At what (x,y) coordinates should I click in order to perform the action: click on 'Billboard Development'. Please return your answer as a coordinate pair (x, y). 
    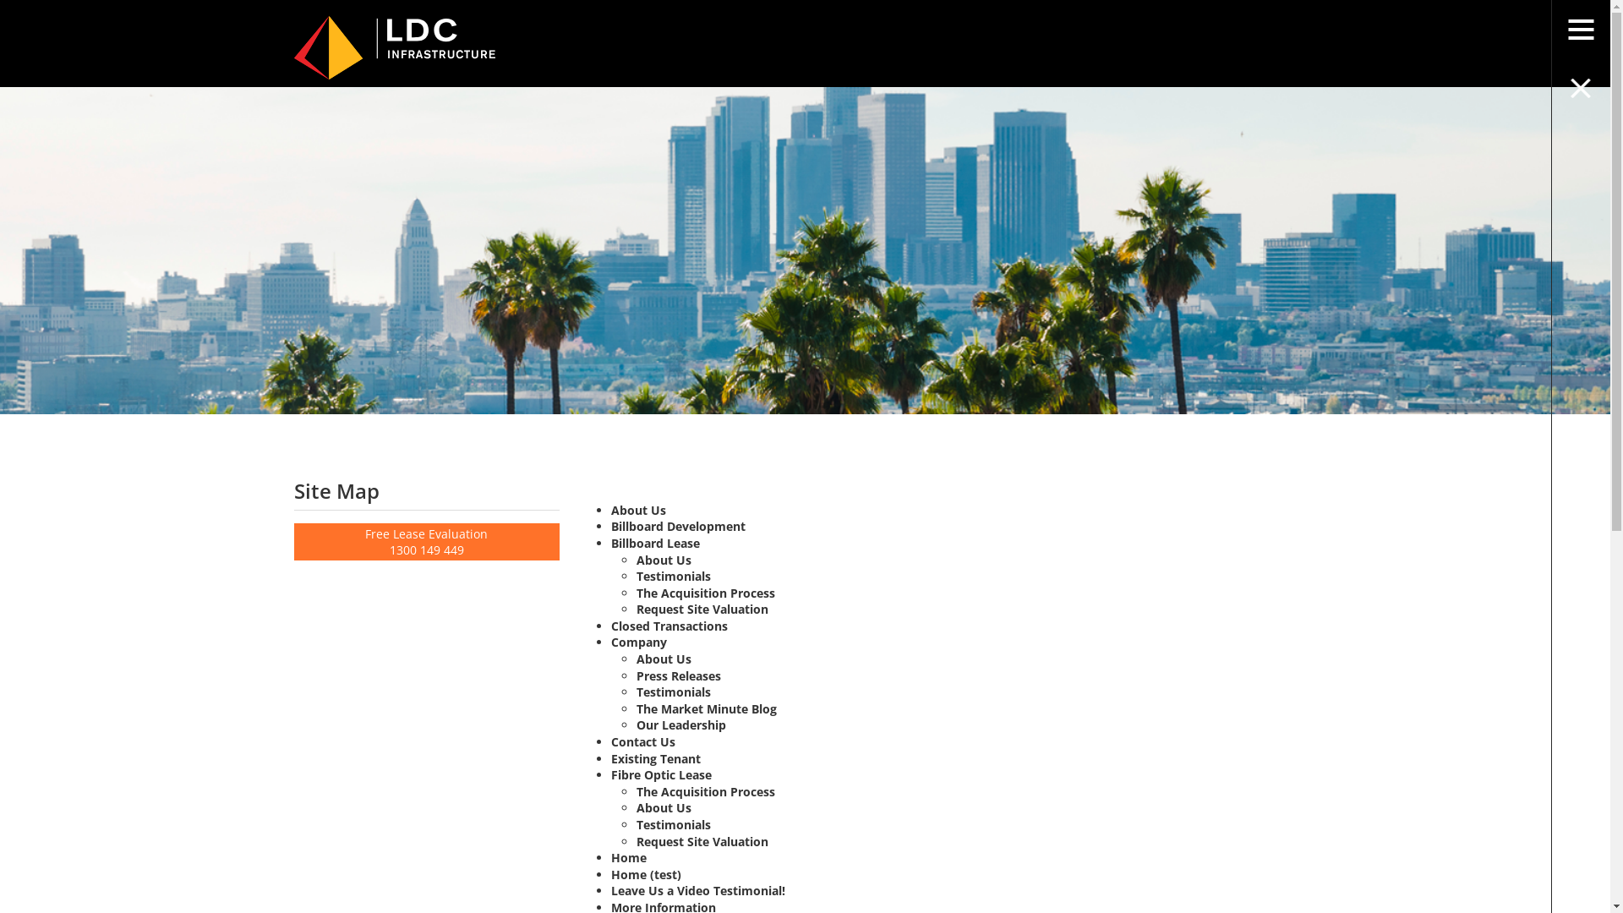
    Looking at the image, I should click on (678, 525).